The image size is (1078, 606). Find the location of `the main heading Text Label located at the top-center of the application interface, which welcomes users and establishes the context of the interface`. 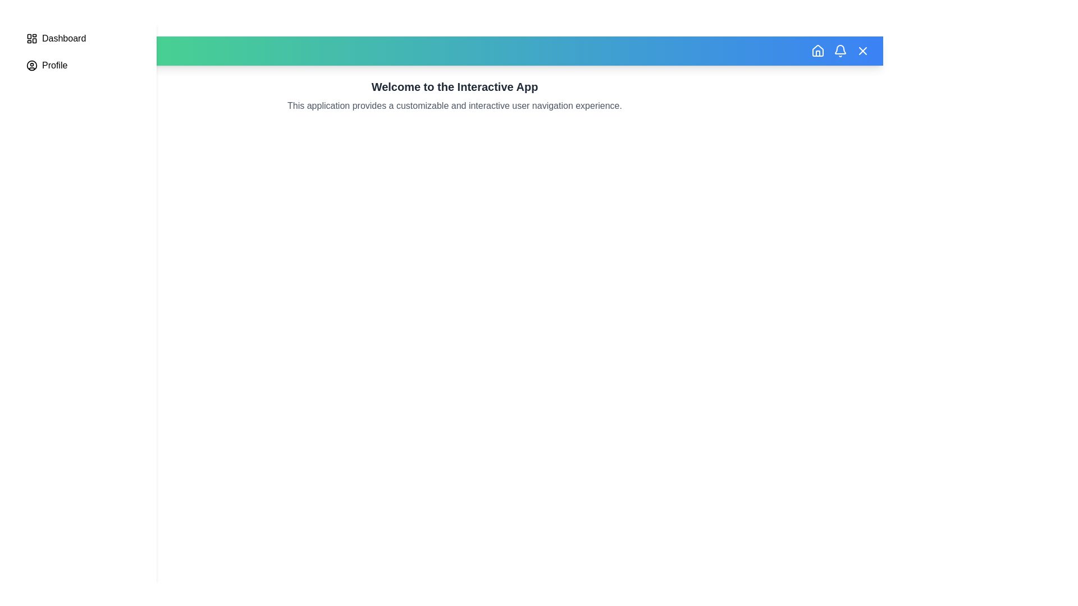

the main heading Text Label located at the top-center of the application interface, which welcomes users and establishes the context of the interface is located at coordinates (455, 86).